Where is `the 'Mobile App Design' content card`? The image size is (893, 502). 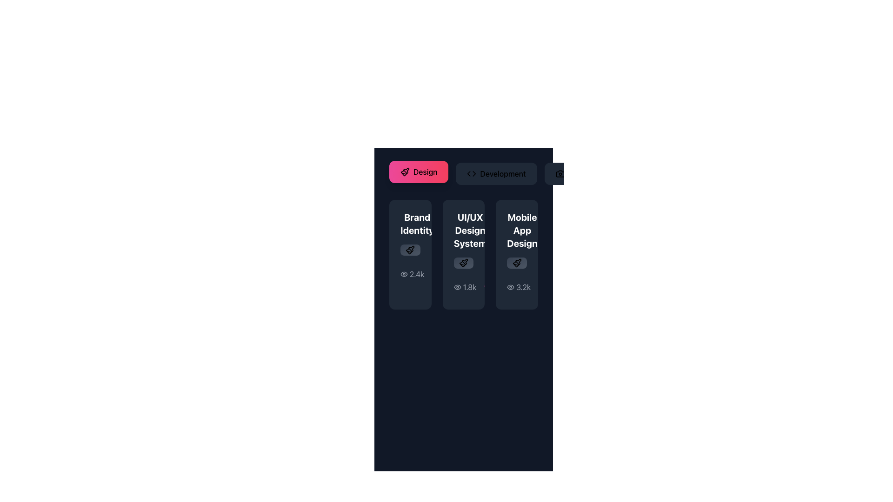 the 'Mobile App Design' content card is located at coordinates (516, 254).